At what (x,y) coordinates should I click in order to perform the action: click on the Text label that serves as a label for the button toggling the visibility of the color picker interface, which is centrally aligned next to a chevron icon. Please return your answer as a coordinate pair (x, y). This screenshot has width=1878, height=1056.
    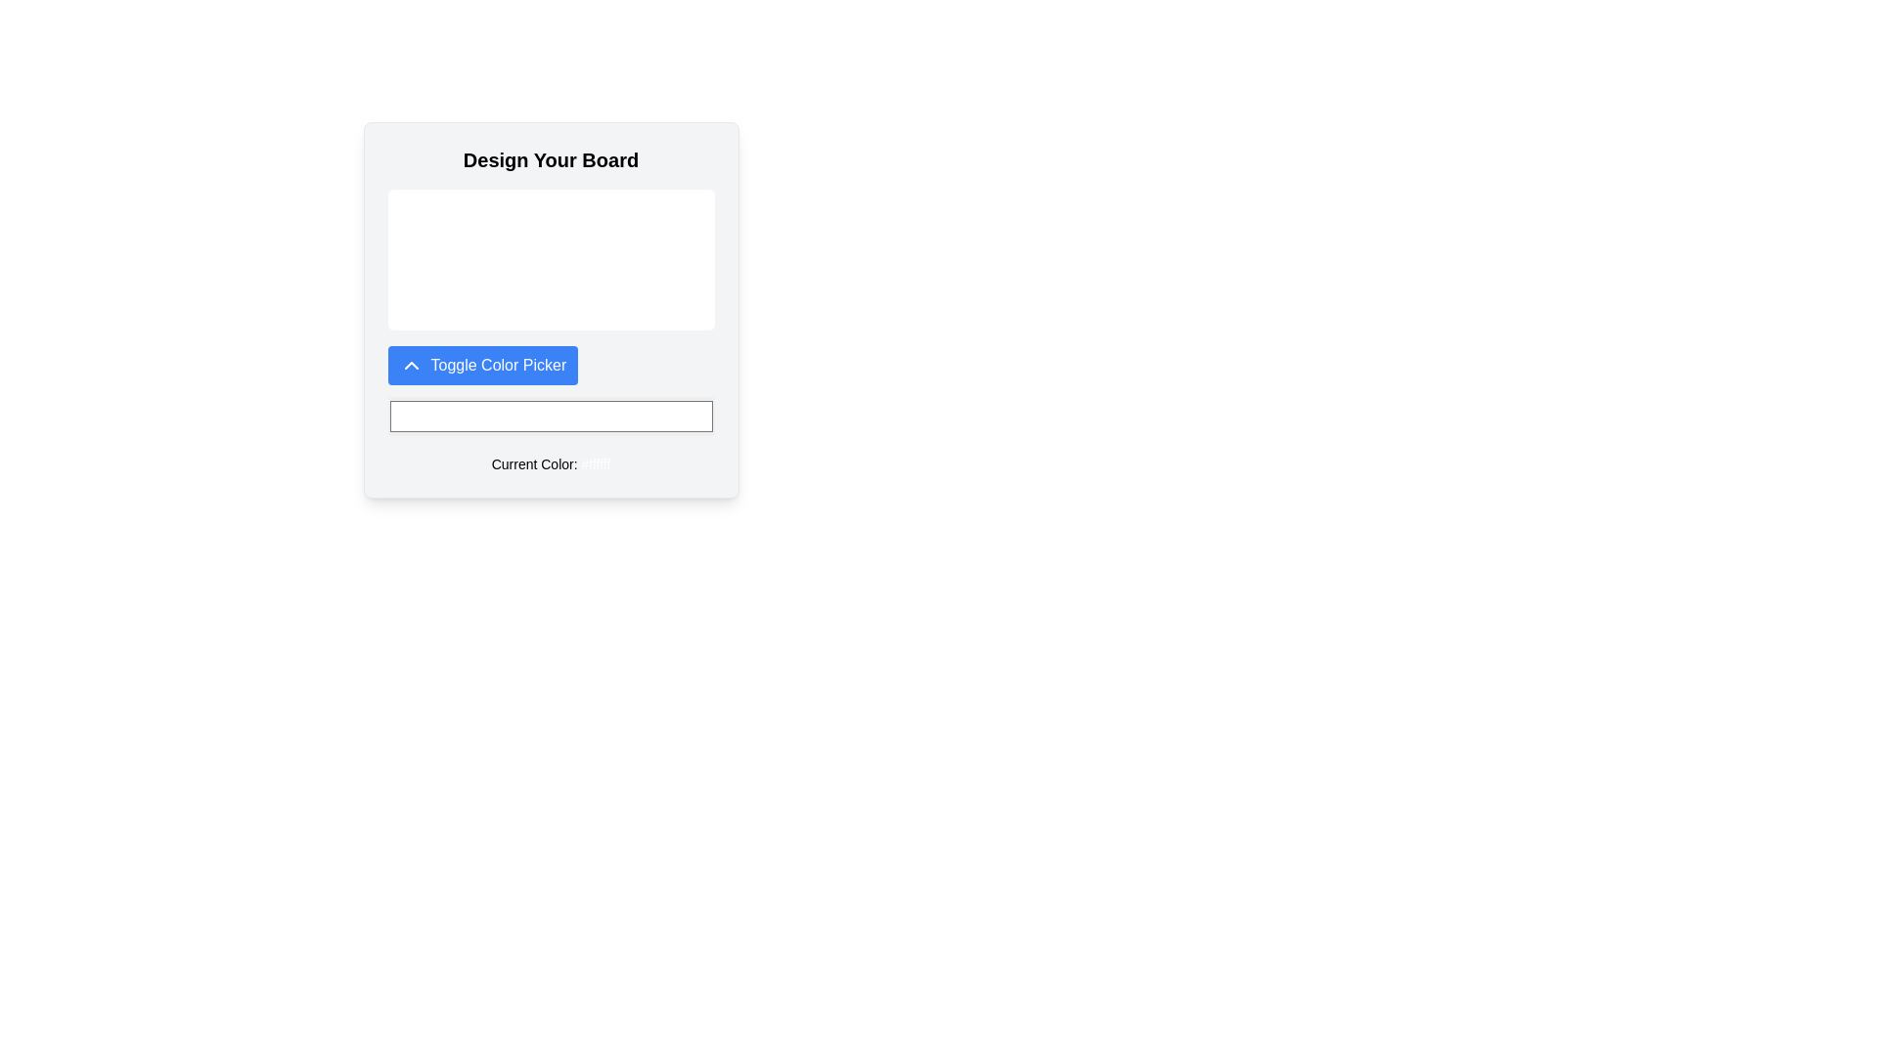
    Looking at the image, I should click on (498, 366).